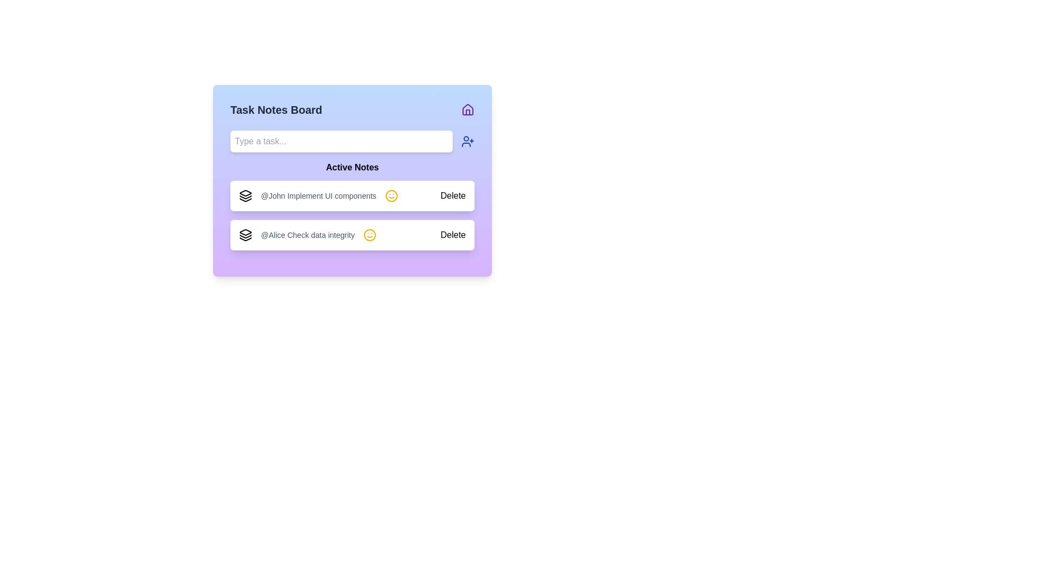 Image resolution: width=1046 pixels, height=588 pixels. What do you see at coordinates (391, 195) in the screenshot?
I see `primary visual representation of the smiley face's outline, which is a Vector graphic circle located beside the text '@Alice Check data integrity' in the second row of the 'Active Notes' section` at bounding box center [391, 195].